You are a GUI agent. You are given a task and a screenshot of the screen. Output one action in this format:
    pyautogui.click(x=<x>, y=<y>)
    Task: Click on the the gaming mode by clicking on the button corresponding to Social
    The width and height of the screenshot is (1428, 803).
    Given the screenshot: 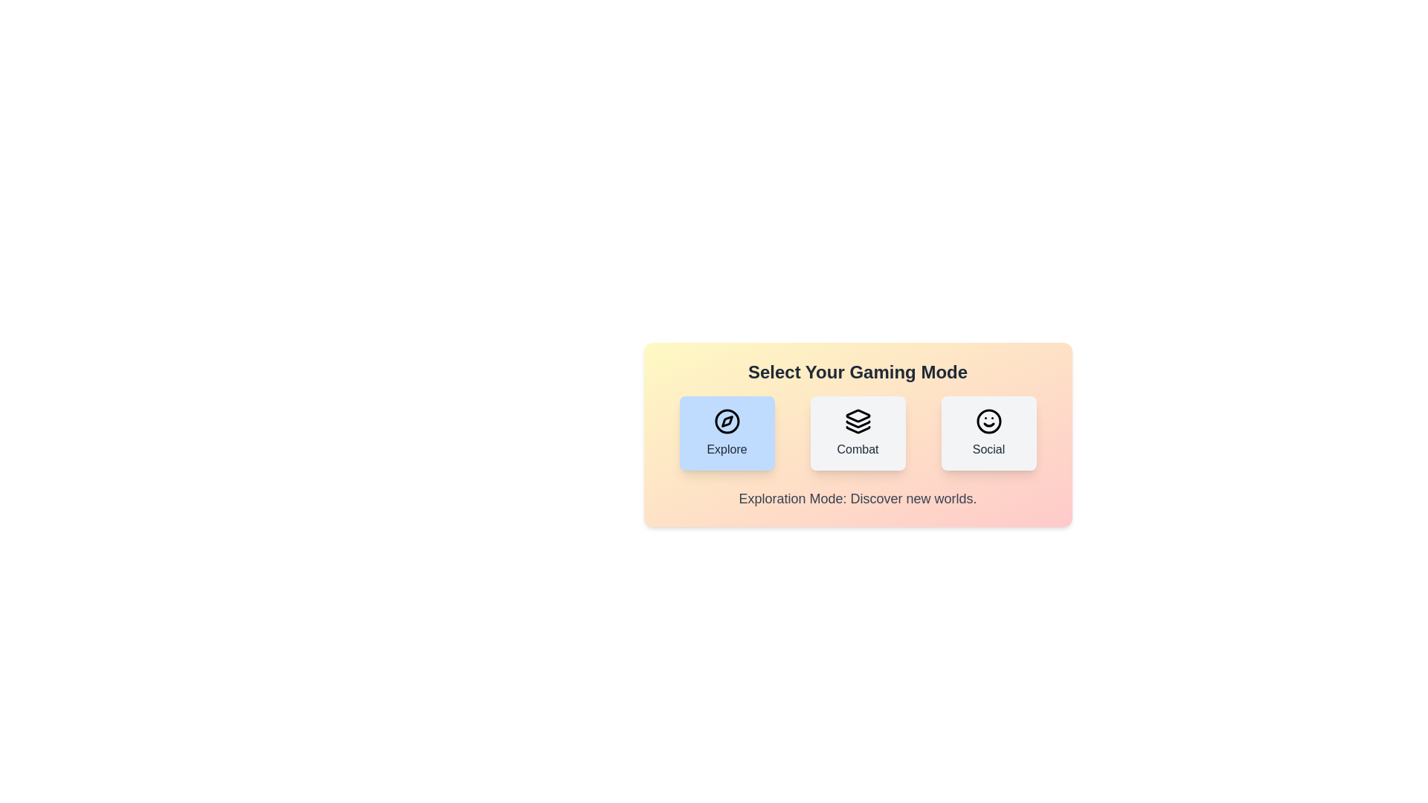 What is the action you would take?
    pyautogui.click(x=988, y=433)
    